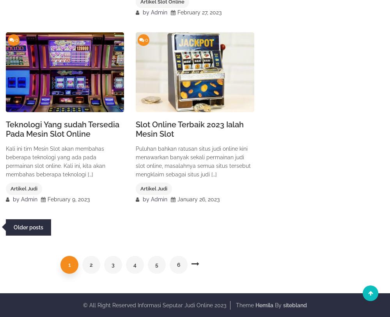  I want to click on 'Hemila', so click(255, 305).